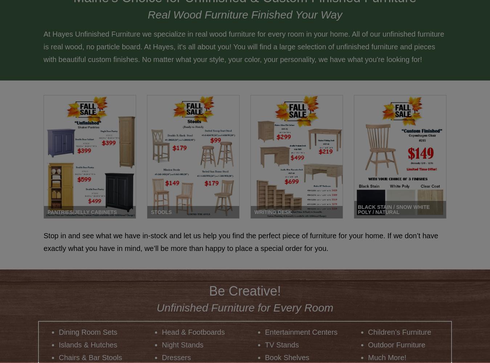 Image resolution: width=490 pixels, height=363 pixels. Describe the element at coordinates (82, 211) in the screenshot. I see `'Pantries/Jelly Cabinets'` at that location.